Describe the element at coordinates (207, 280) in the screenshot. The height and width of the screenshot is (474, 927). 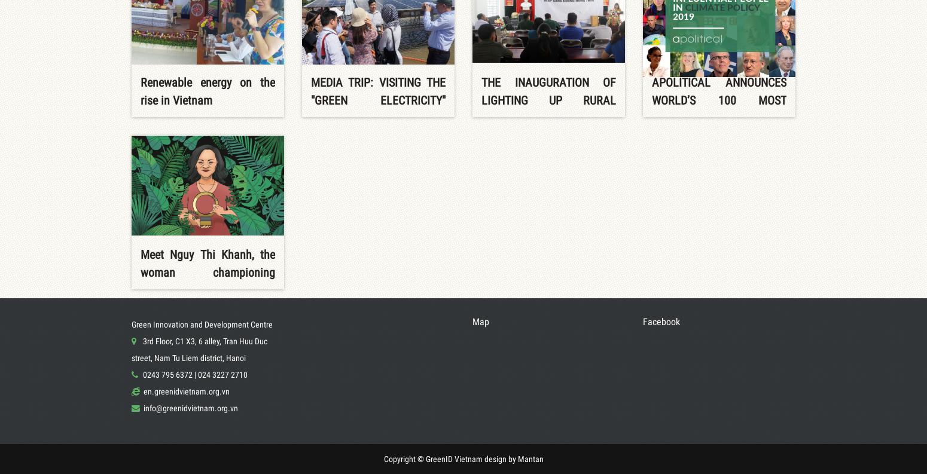
I see `'Meet Nguy Thi Khanh, the woman championing Vietnam’s energy development'` at that location.